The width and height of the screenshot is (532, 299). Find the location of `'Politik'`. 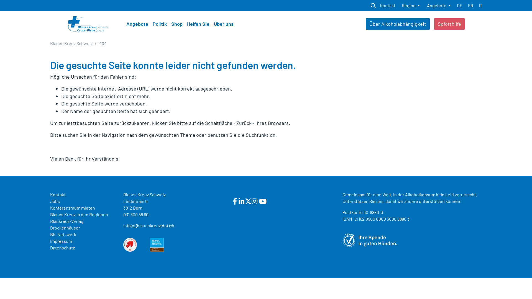

'Politik' is located at coordinates (150, 24).